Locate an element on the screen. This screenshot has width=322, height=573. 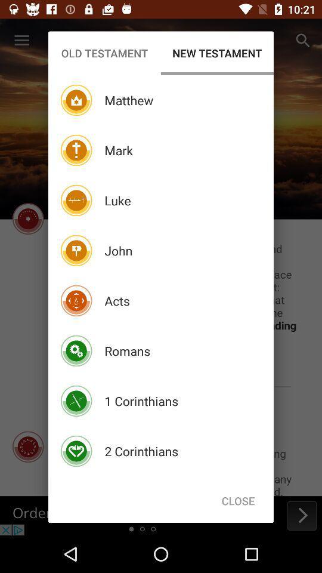
icon below luke icon is located at coordinates (118, 250).